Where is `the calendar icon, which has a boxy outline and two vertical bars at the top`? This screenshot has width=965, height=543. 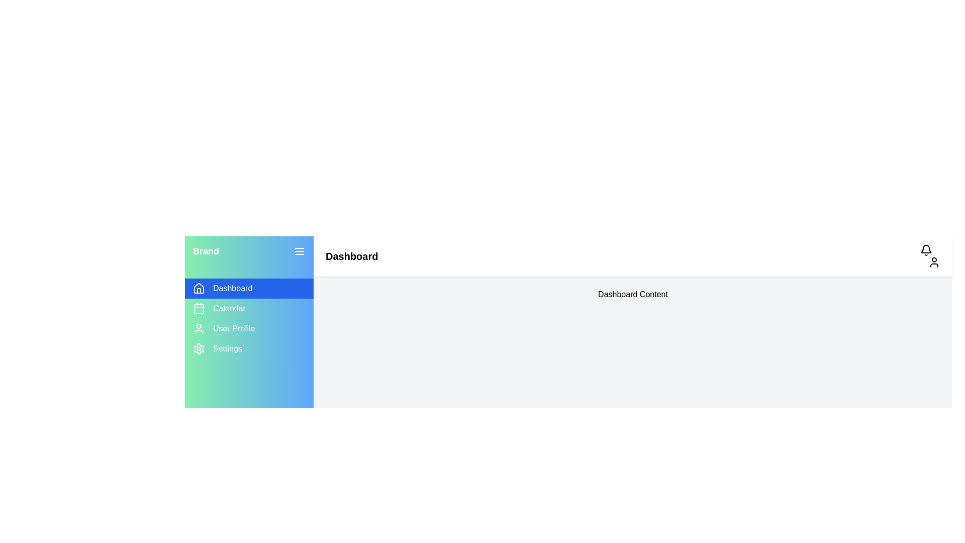
the calendar icon, which has a boxy outline and two vertical bars at the top is located at coordinates (199, 308).